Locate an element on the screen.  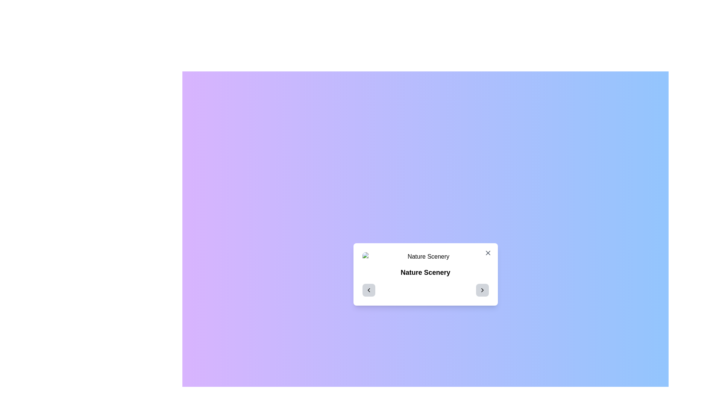
the rounded gray button with a left-chevron icon is located at coordinates (369, 289).